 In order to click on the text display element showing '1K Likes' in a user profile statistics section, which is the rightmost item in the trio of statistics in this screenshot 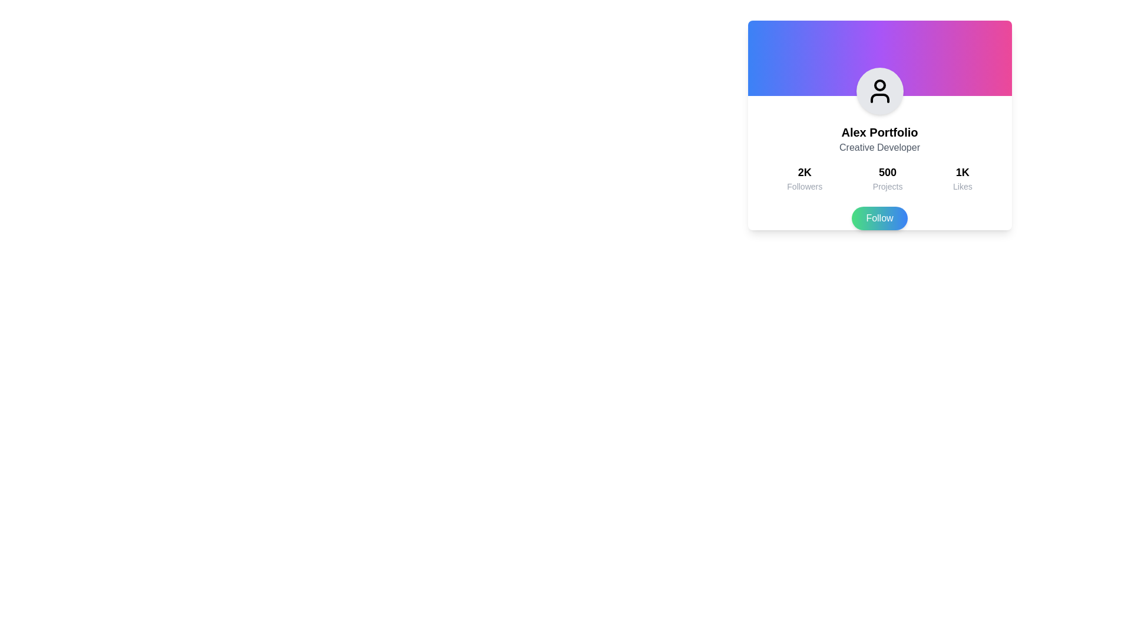, I will do `click(963, 178)`.